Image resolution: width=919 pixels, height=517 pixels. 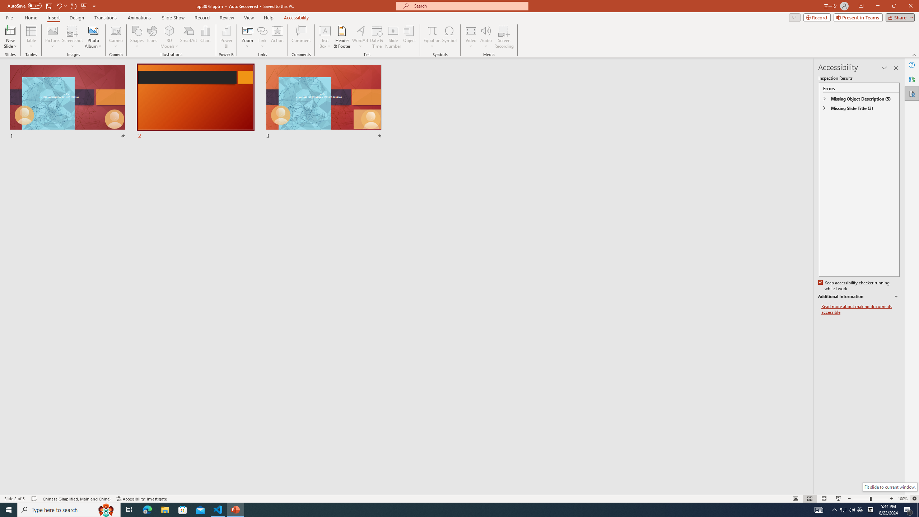 I want to click on 'Keep accessibility checker running while I work', so click(x=854, y=286).